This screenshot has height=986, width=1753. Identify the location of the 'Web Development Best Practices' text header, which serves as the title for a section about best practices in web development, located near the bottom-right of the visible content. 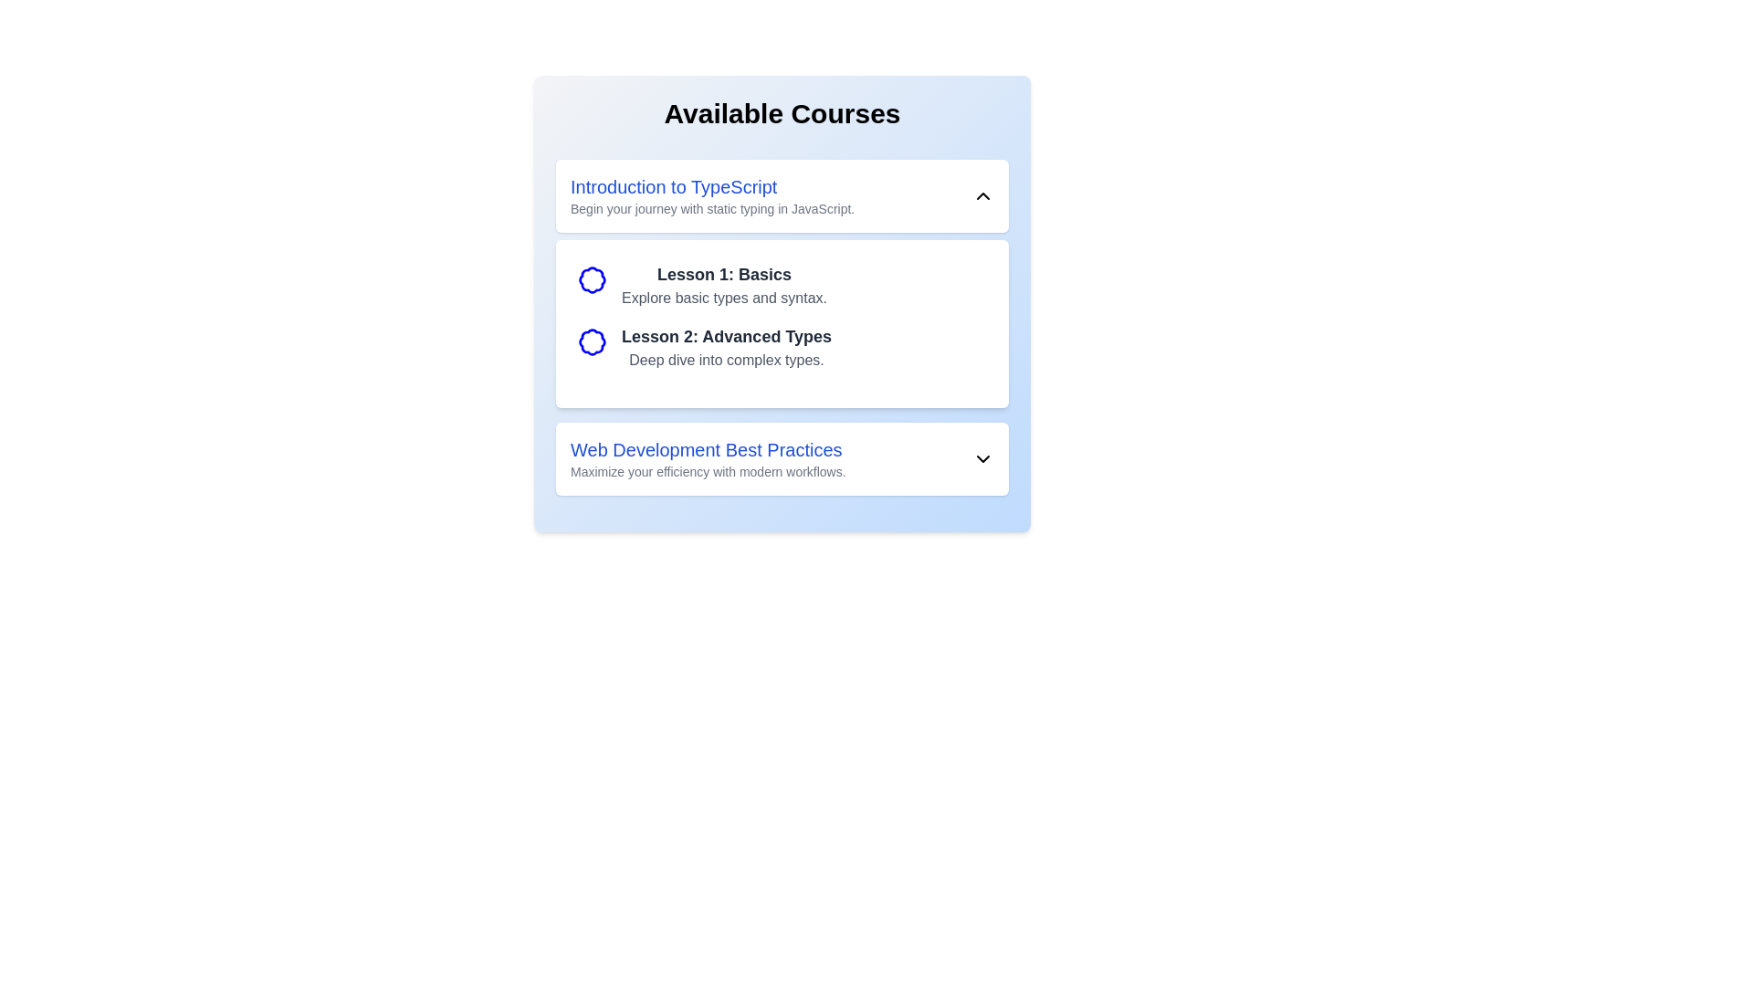
(707, 450).